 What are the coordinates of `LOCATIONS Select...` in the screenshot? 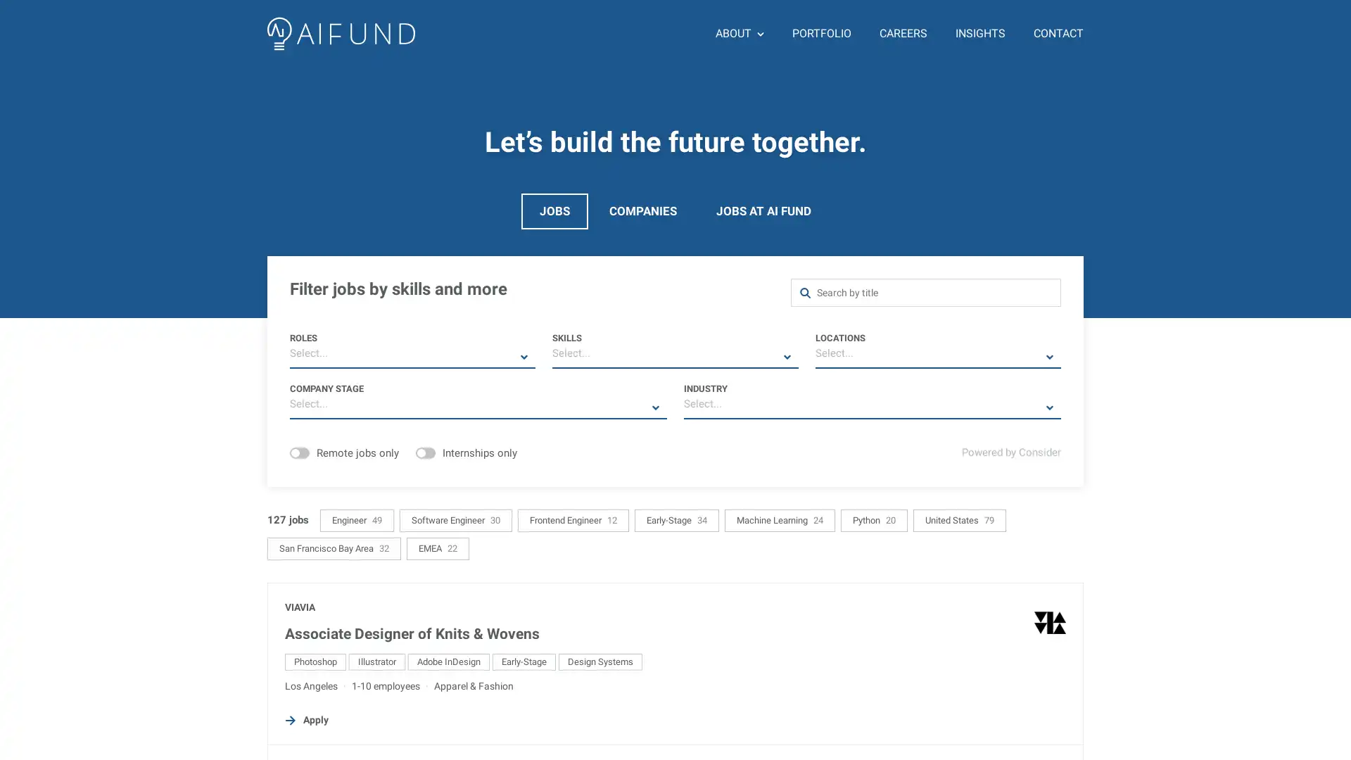 It's located at (937, 345).